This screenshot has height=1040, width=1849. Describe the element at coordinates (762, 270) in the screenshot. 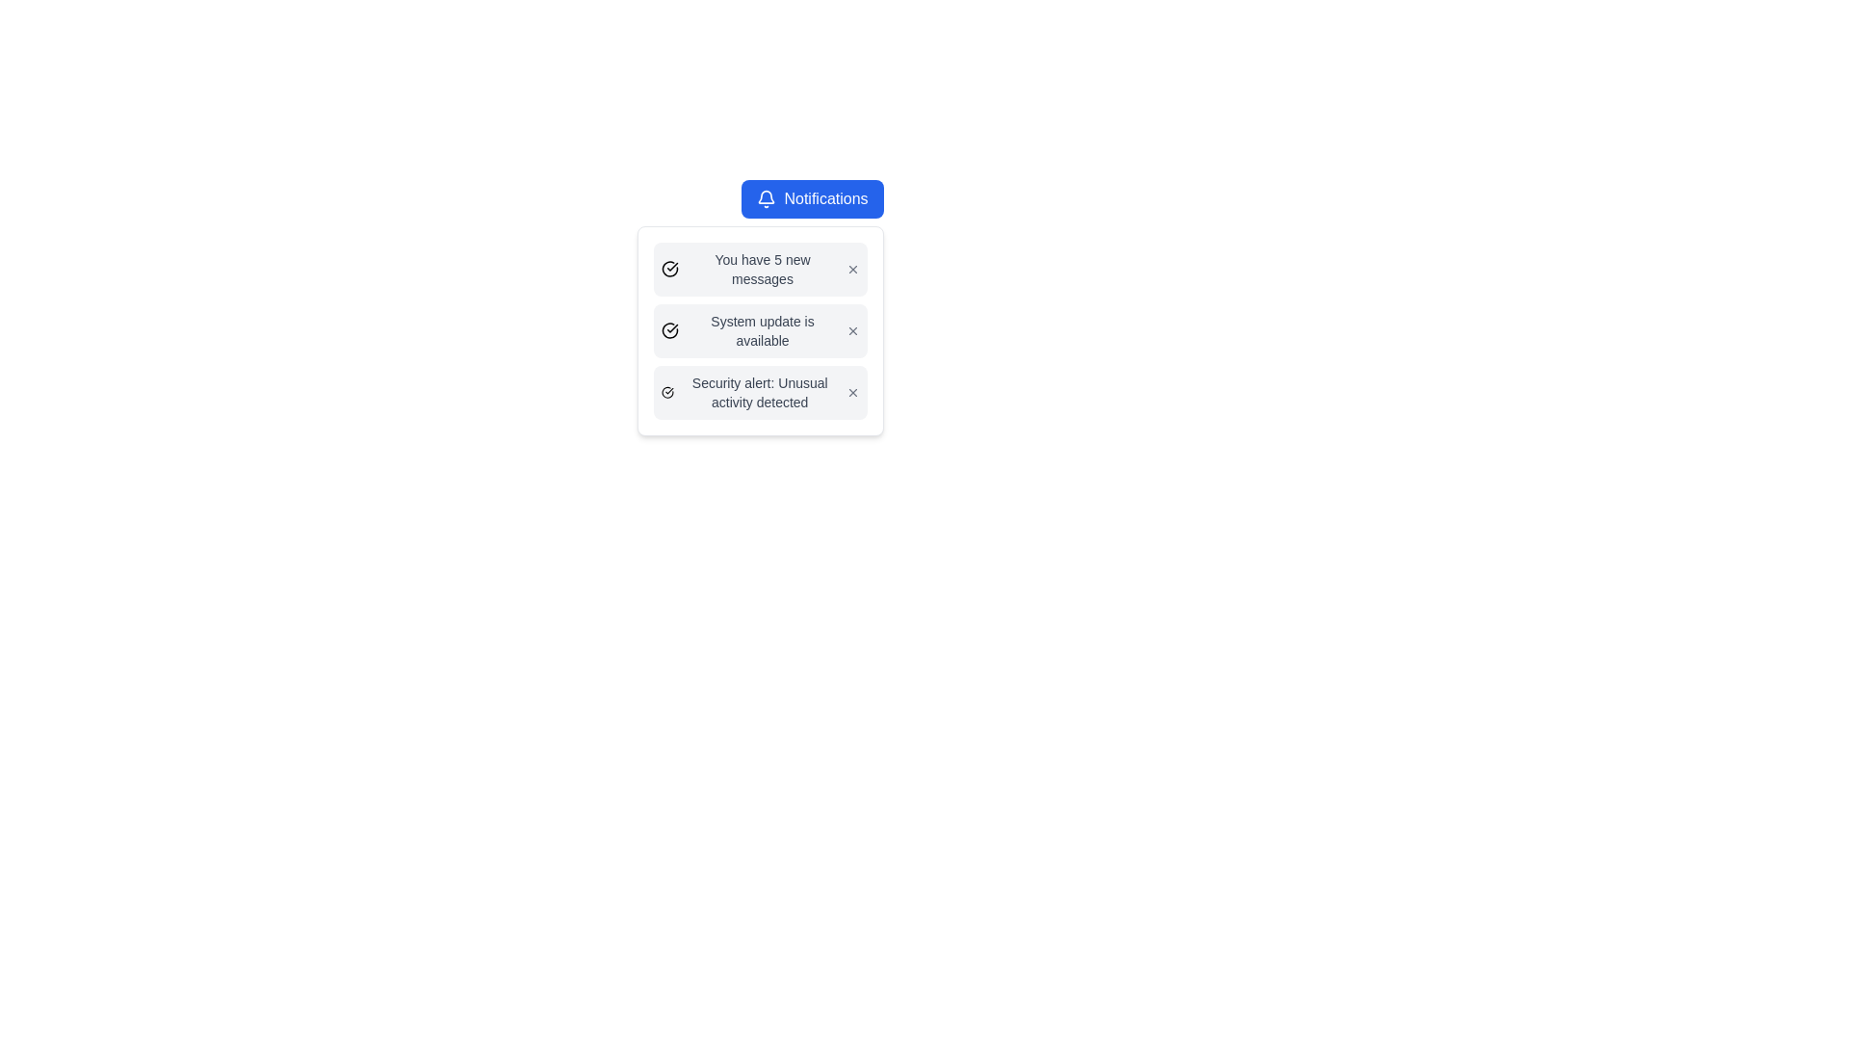

I see `the text label displaying 'You have 5 new messages' within the notification card under the 'Notifications' header` at that location.